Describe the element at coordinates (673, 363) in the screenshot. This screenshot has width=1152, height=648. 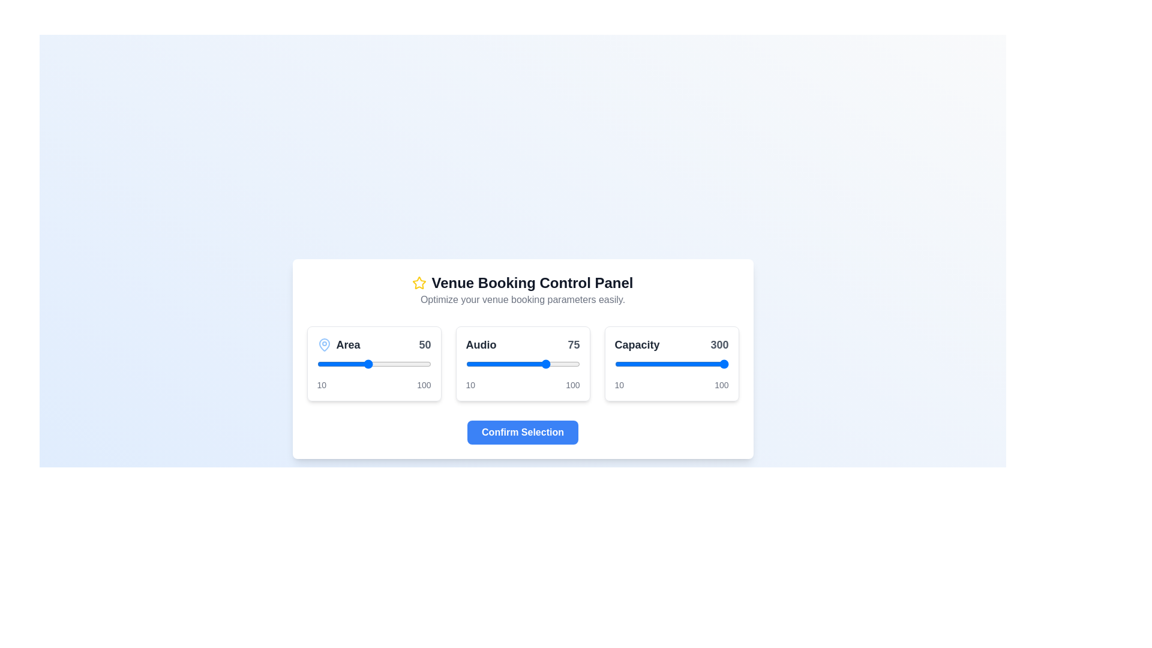
I see `capacity` at that location.